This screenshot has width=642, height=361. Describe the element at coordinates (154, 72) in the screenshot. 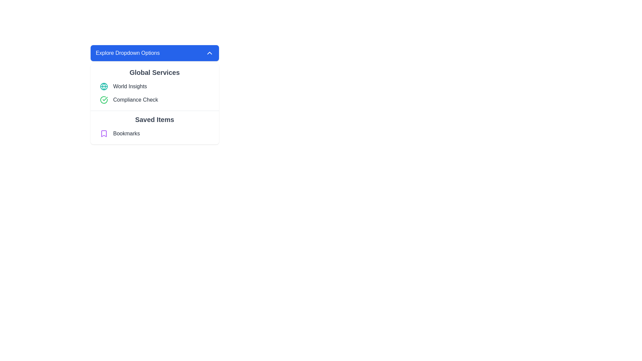

I see `the text label within the 'Explore Dropdown Options' dropdown, which is the first piece of text content above 'World Insights' and 'Compliance Check'` at that location.